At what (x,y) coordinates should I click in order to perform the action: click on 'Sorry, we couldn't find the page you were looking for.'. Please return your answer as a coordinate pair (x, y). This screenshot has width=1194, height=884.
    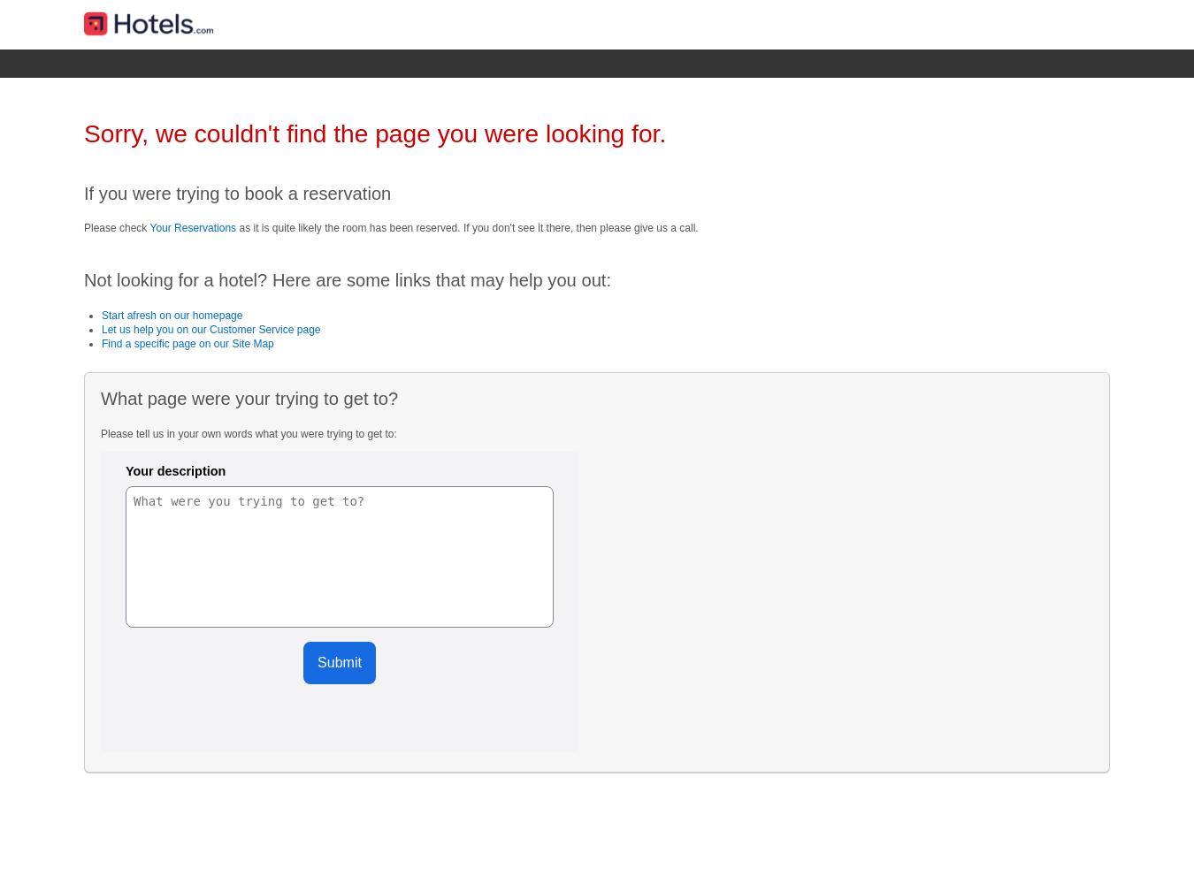
    Looking at the image, I should click on (375, 133).